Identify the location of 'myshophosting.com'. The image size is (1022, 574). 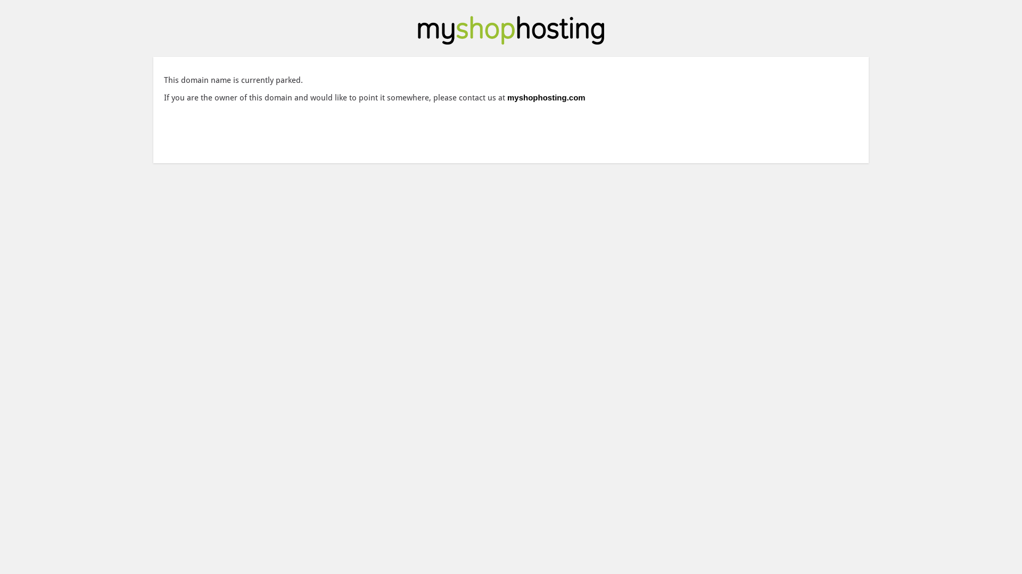
(546, 97).